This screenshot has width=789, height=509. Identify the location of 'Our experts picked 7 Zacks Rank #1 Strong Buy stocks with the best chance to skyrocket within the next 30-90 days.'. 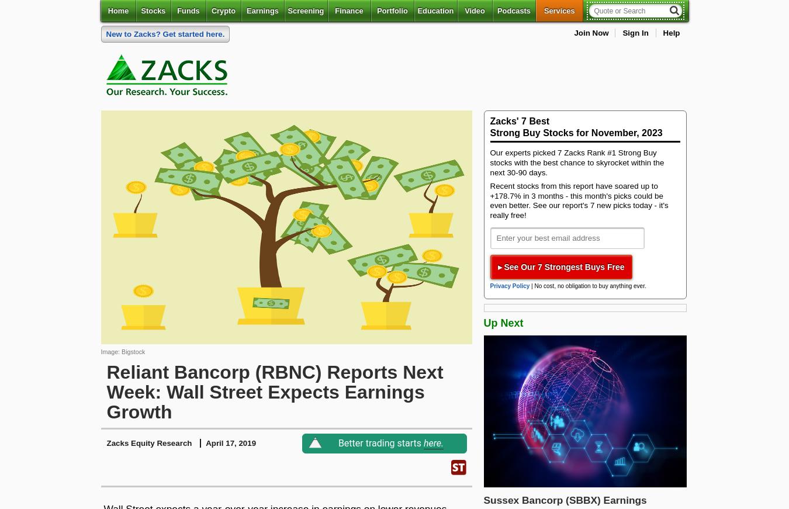
(489, 162).